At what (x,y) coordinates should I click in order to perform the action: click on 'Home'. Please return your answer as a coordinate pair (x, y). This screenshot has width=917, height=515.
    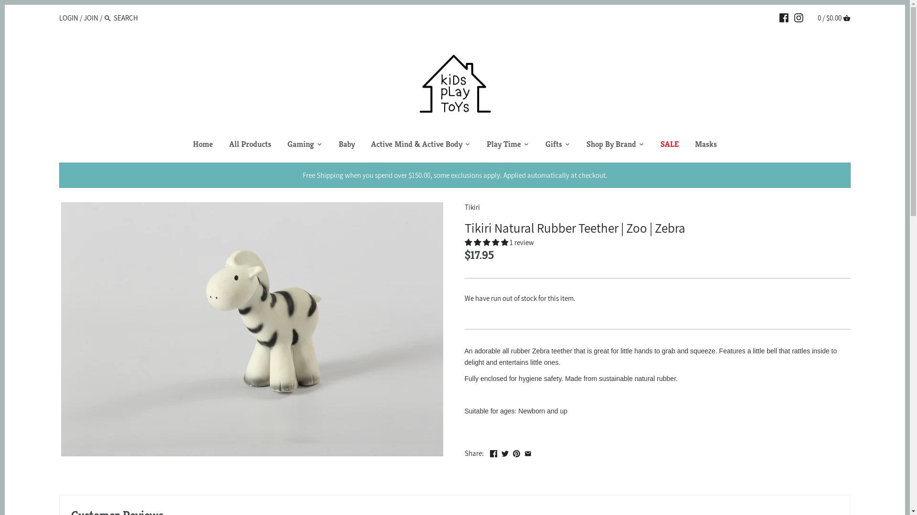
    Looking at the image, I should click on (185, 145).